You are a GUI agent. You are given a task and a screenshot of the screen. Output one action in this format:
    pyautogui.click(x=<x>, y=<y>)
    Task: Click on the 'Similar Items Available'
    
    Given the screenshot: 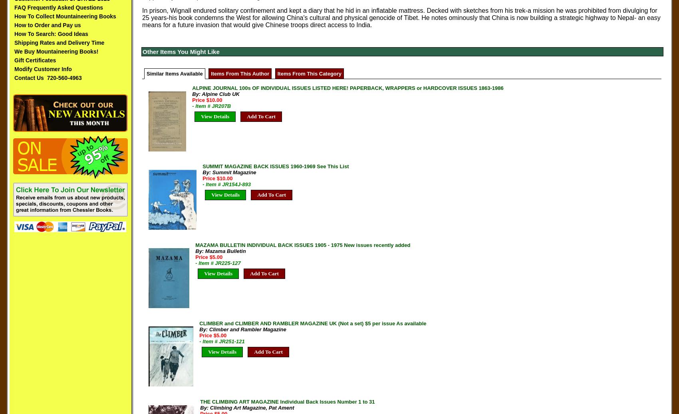 What is the action you would take?
    pyautogui.click(x=175, y=74)
    